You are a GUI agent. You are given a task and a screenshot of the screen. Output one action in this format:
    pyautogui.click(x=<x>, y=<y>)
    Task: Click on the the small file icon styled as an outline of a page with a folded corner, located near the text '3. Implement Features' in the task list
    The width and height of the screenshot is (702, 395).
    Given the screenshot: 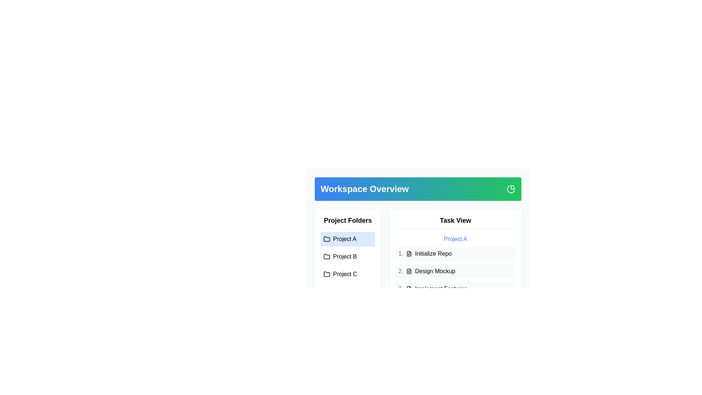 What is the action you would take?
    pyautogui.click(x=409, y=289)
    